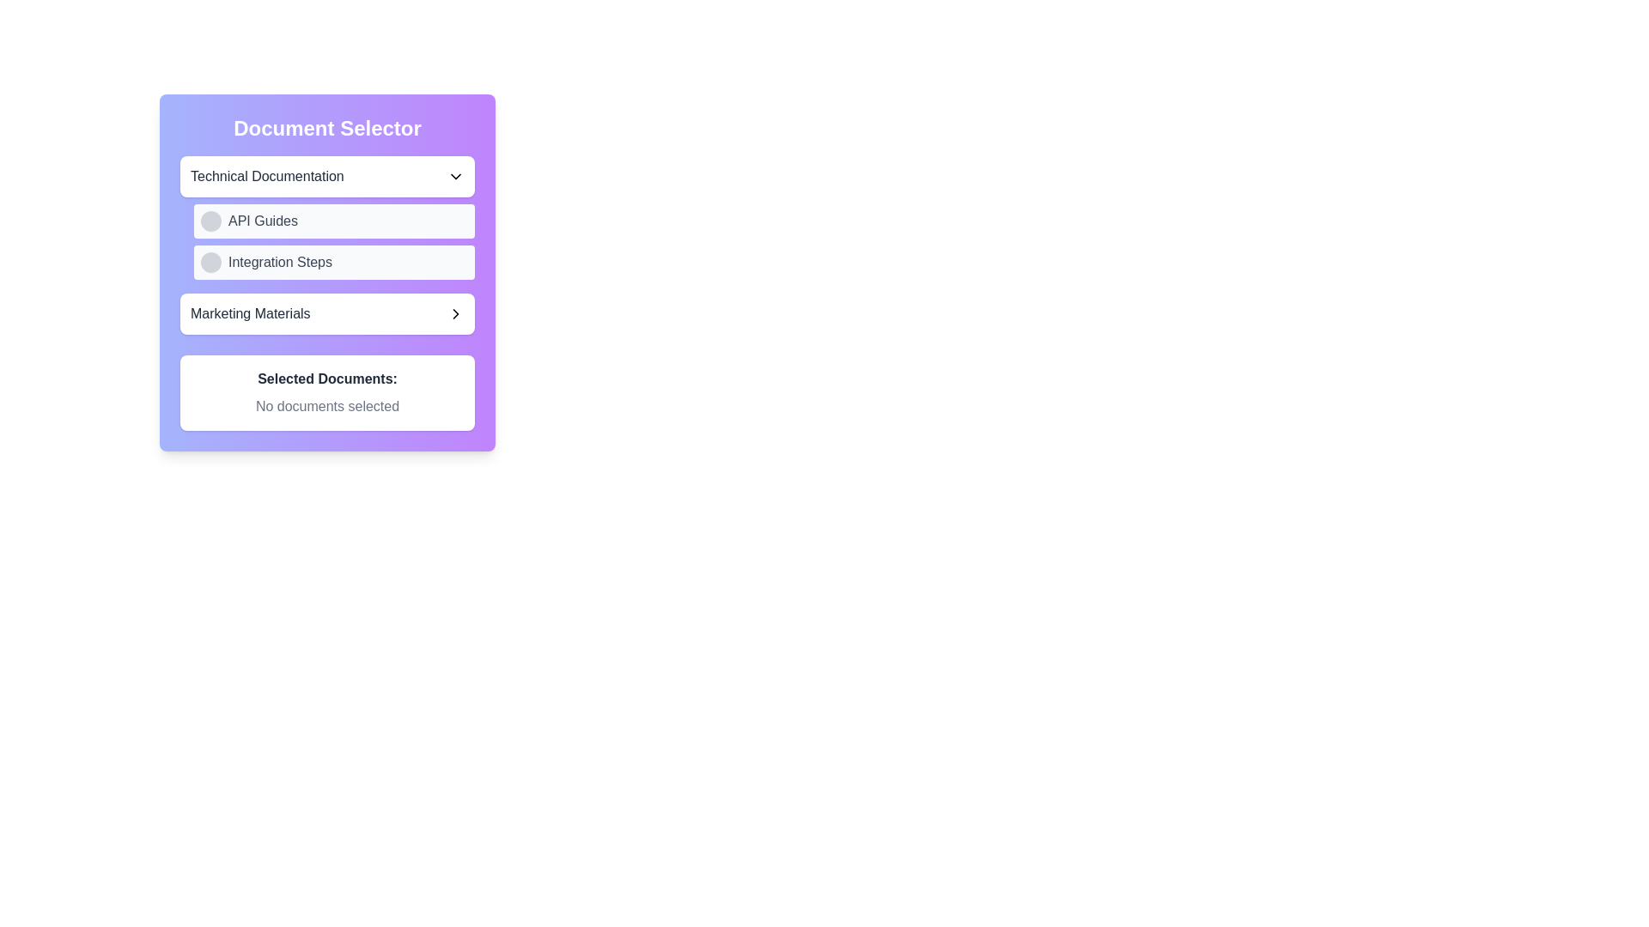  What do you see at coordinates (456, 314) in the screenshot?
I see `the navigation icon indicating access to 'Marketing Materials'` at bounding box center [456, 314].